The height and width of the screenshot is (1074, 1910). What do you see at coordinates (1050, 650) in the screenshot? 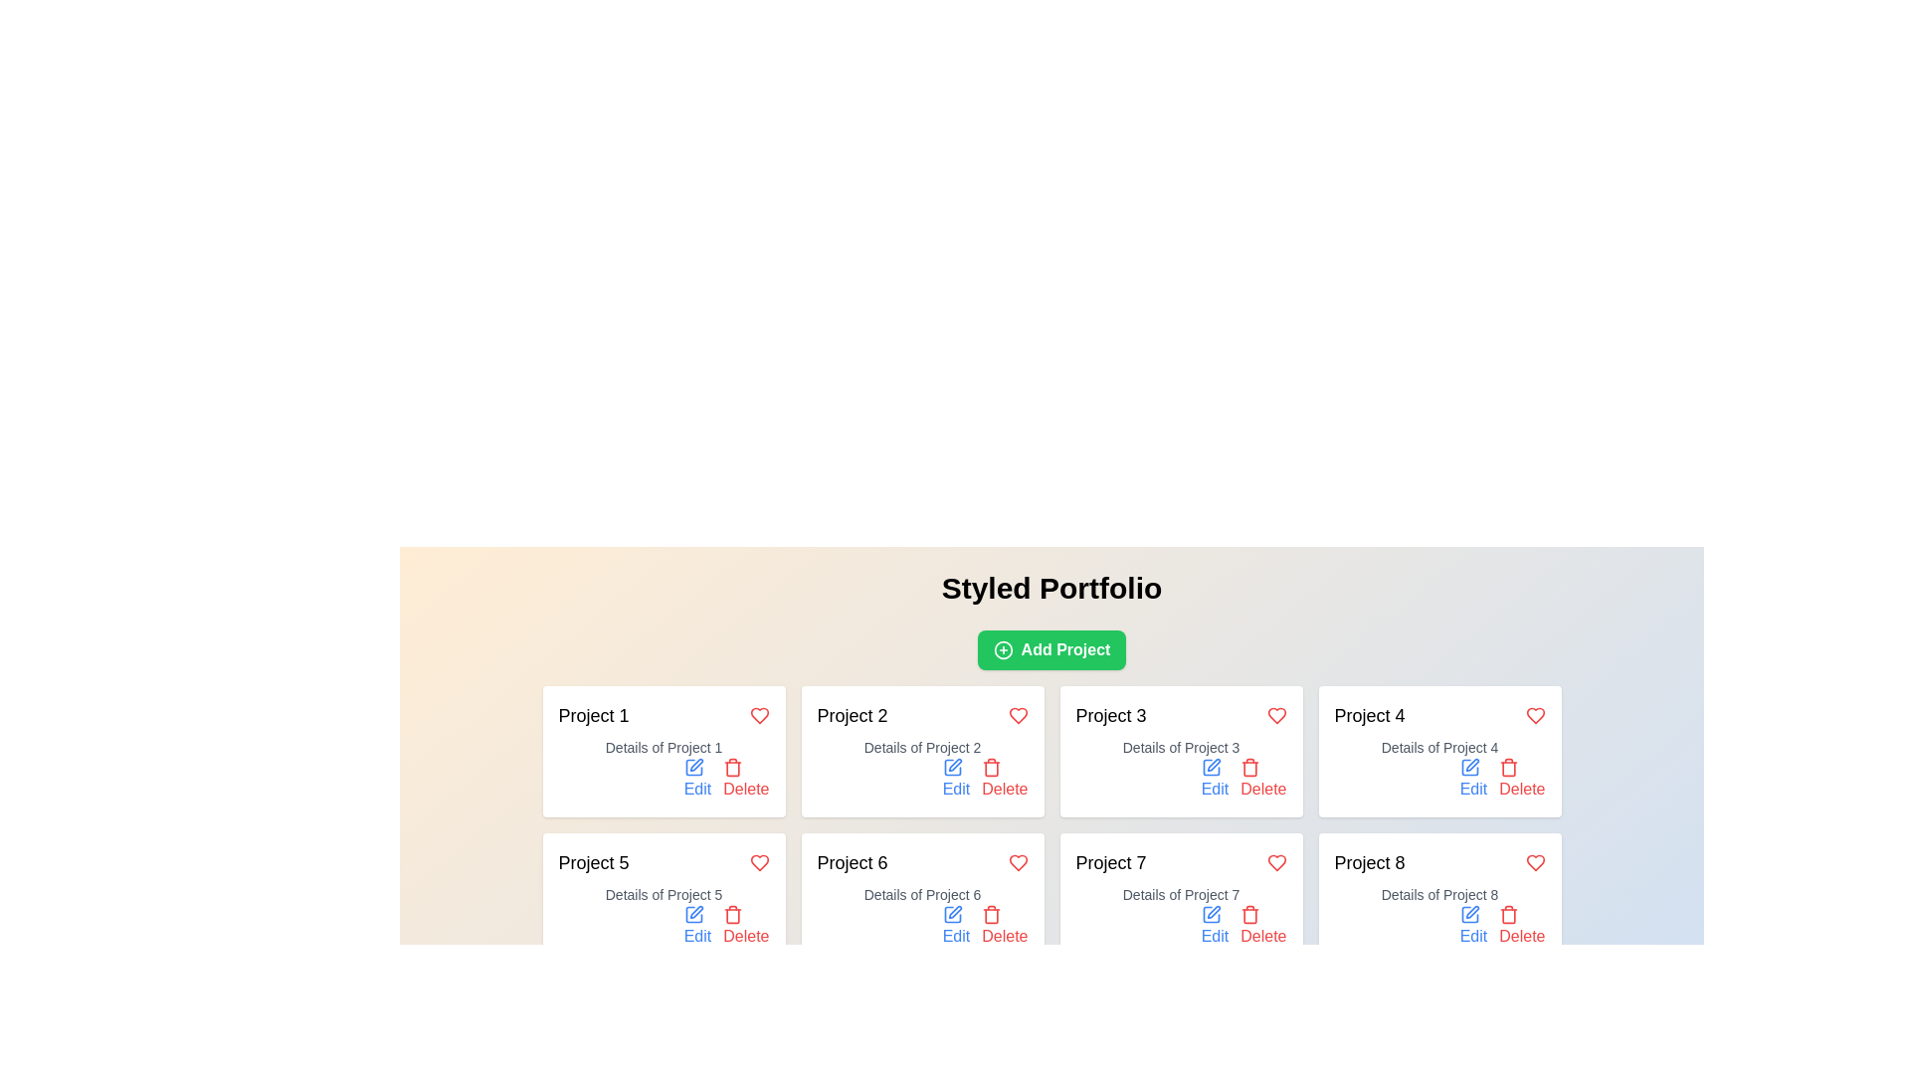
I see `the 'Add Project' button, which is a bright green rectangular button with rounded corners and a white '+' icon on the left side of the text, located below the header 'Styled Portfolio'` at bounding box center [1050, 650].